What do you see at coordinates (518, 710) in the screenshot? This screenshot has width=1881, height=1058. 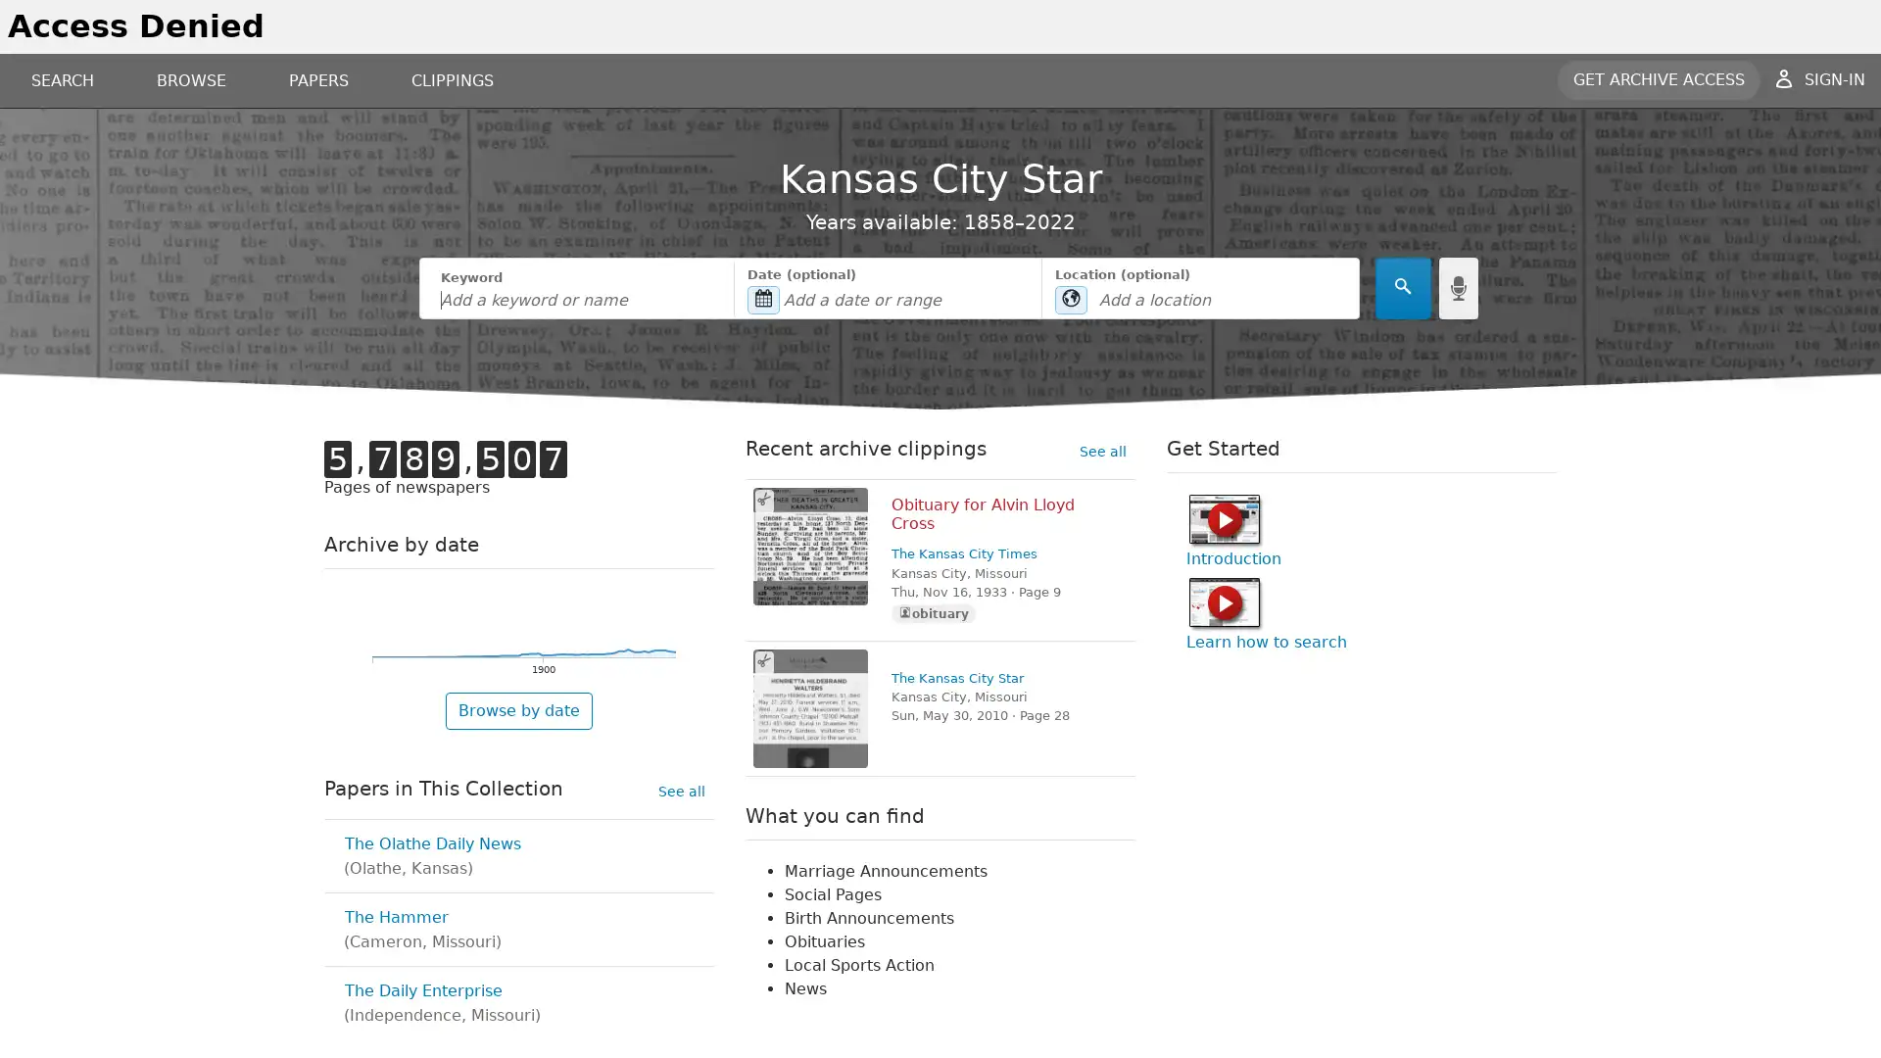 I see `Browse by date` at bounding box center [518, 710].